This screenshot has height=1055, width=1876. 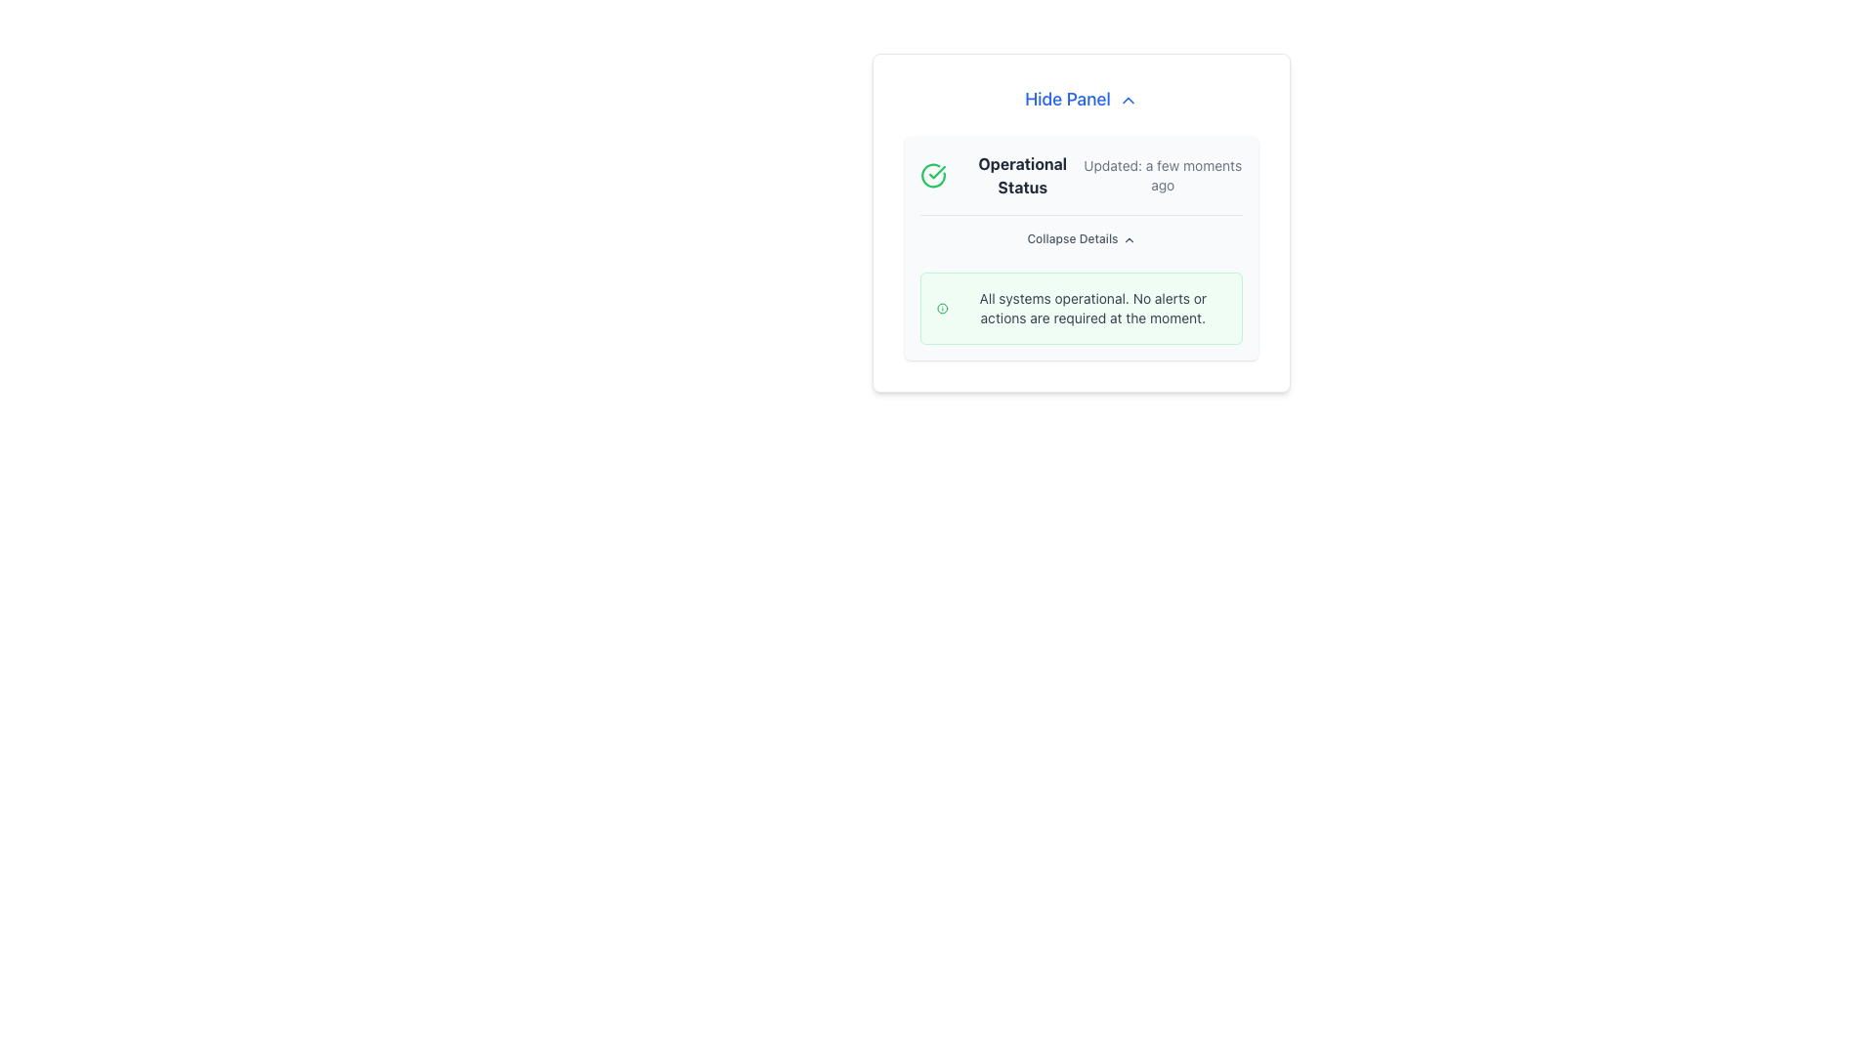 What do you see at coordinates (942, 308) in the screenshot?
I see `the small circular green-bordered information icon located in the upper-left corner of the light green notification box containing the message 'All systems operational. No alerts or actions are required at the moment.'` at bounding box center [942, 308].